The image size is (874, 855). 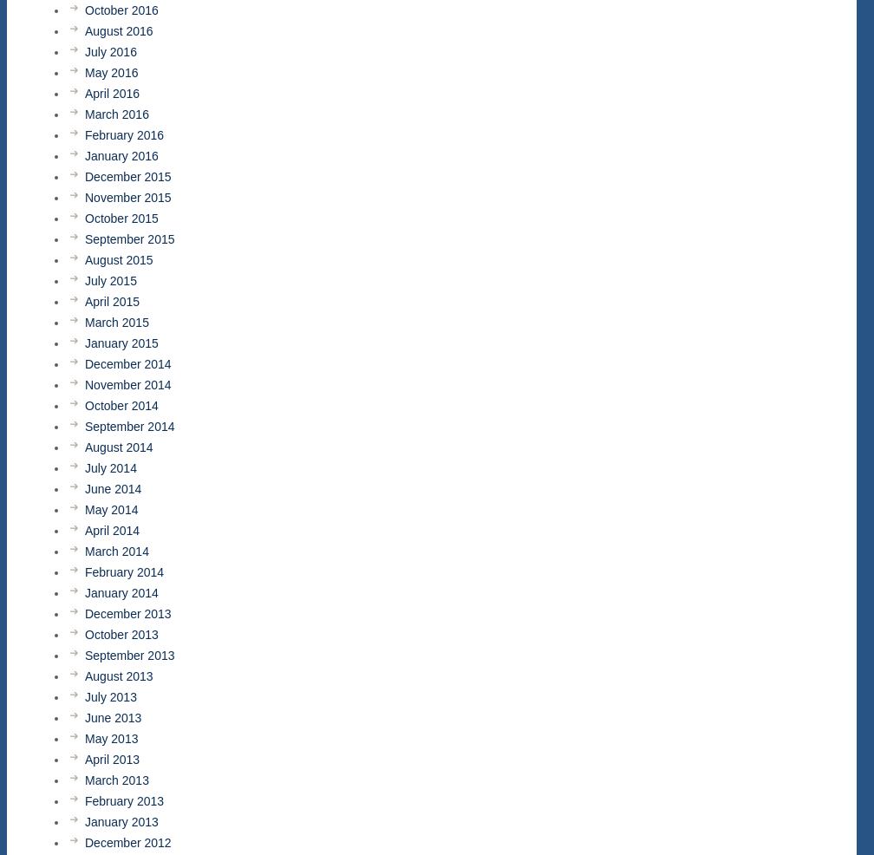 I want to click on 'July 2015', so click(x=110, y=280).